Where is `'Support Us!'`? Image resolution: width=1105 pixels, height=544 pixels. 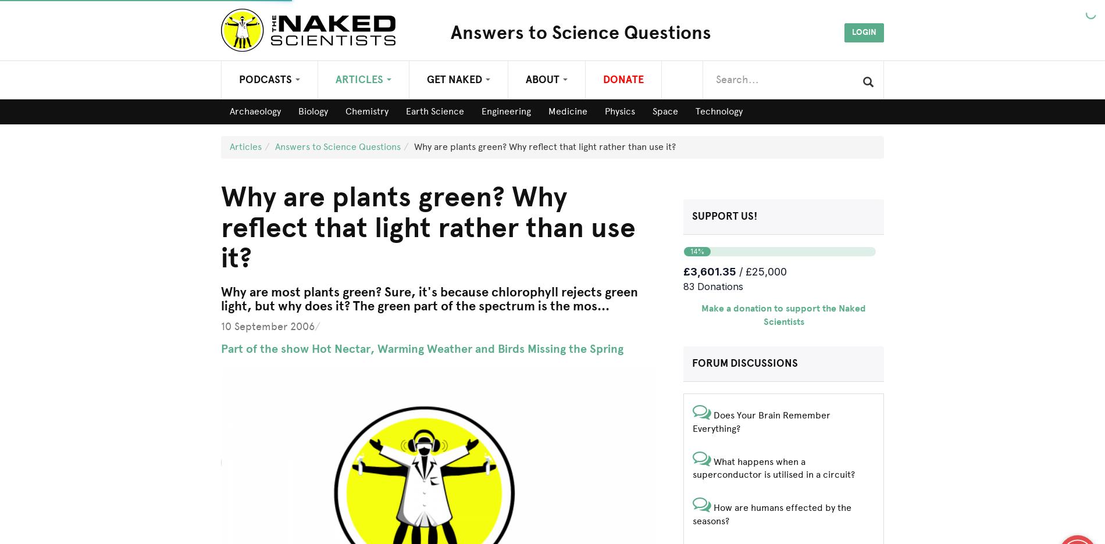 'Support Us!' is located at coordinates (691, 216).